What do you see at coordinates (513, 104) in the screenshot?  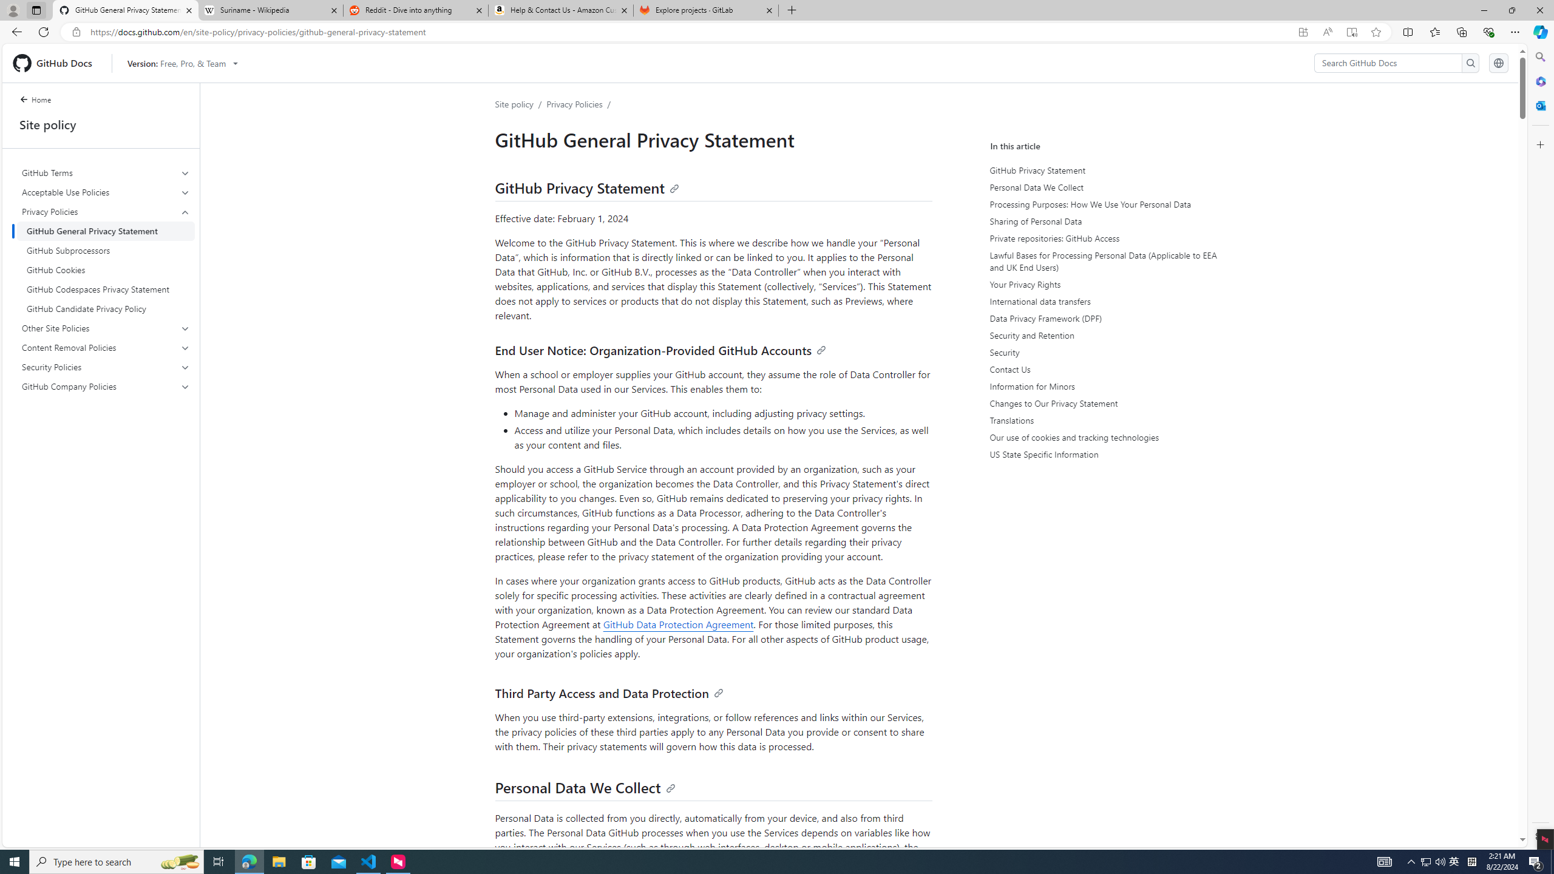 I see `'Site policy'` at bounding box center [513, 104].